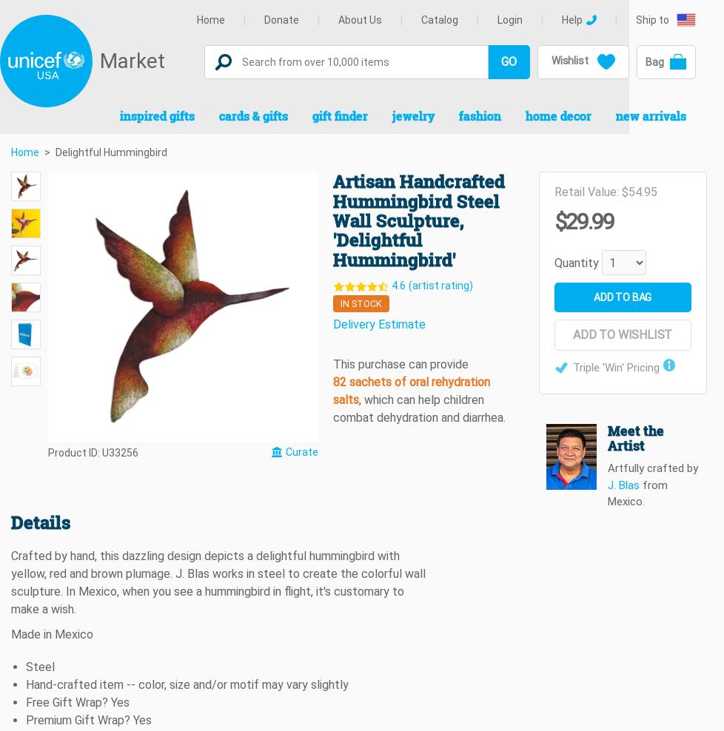 Image resolution: width=724 pixels, height=731 pixels. I want to click on 'Artisan Handcrafted Hummingbird Steel Wall Sculpture, 'Delightful Hummingbird'', so click(418, 219).